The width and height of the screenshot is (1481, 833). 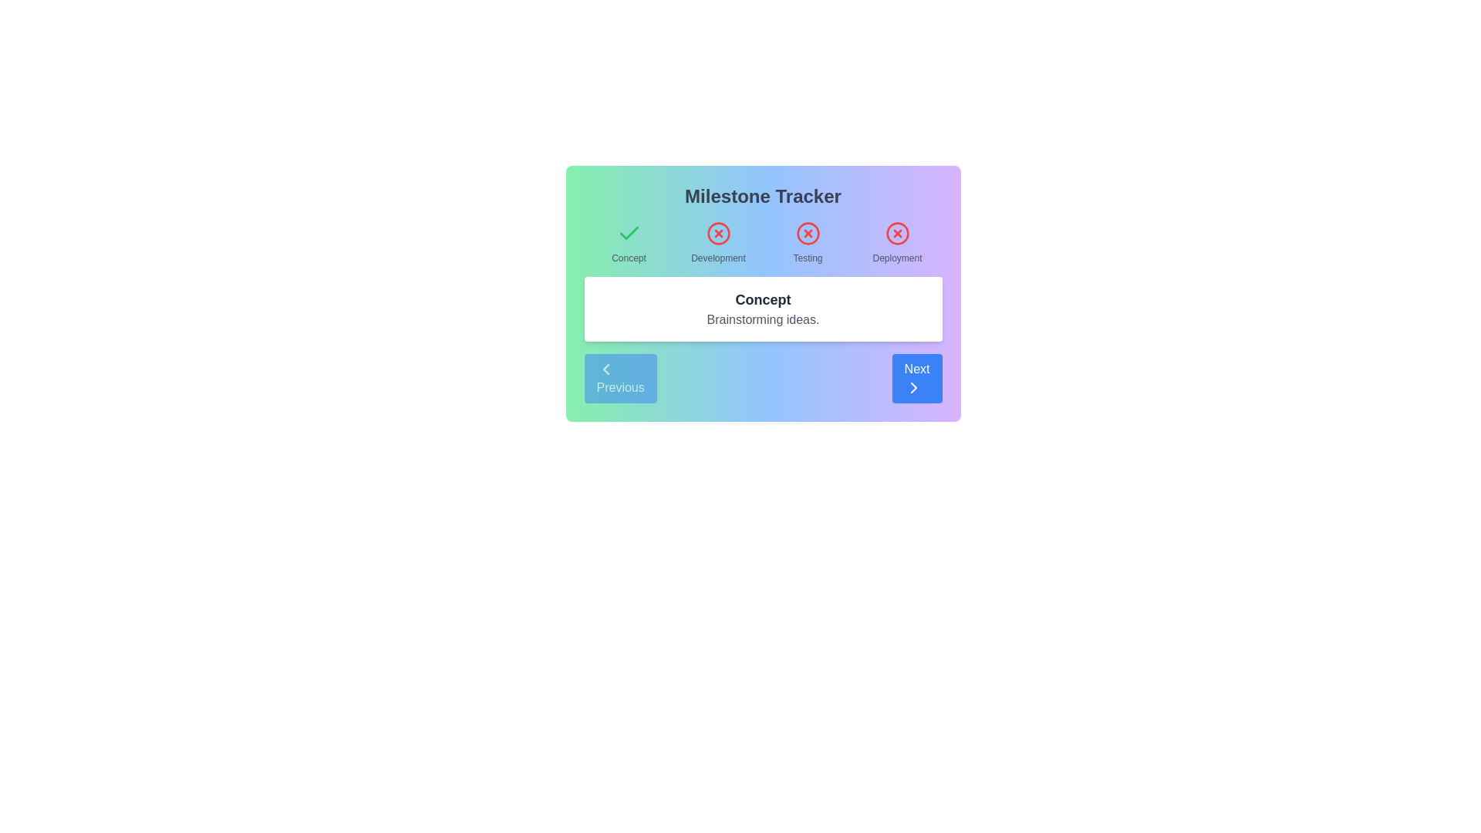 I want to click on text label displaying the word 'Concept', which is centrally located within a white card area with a gradient background and shadow effect, so click(x=763, y=300).